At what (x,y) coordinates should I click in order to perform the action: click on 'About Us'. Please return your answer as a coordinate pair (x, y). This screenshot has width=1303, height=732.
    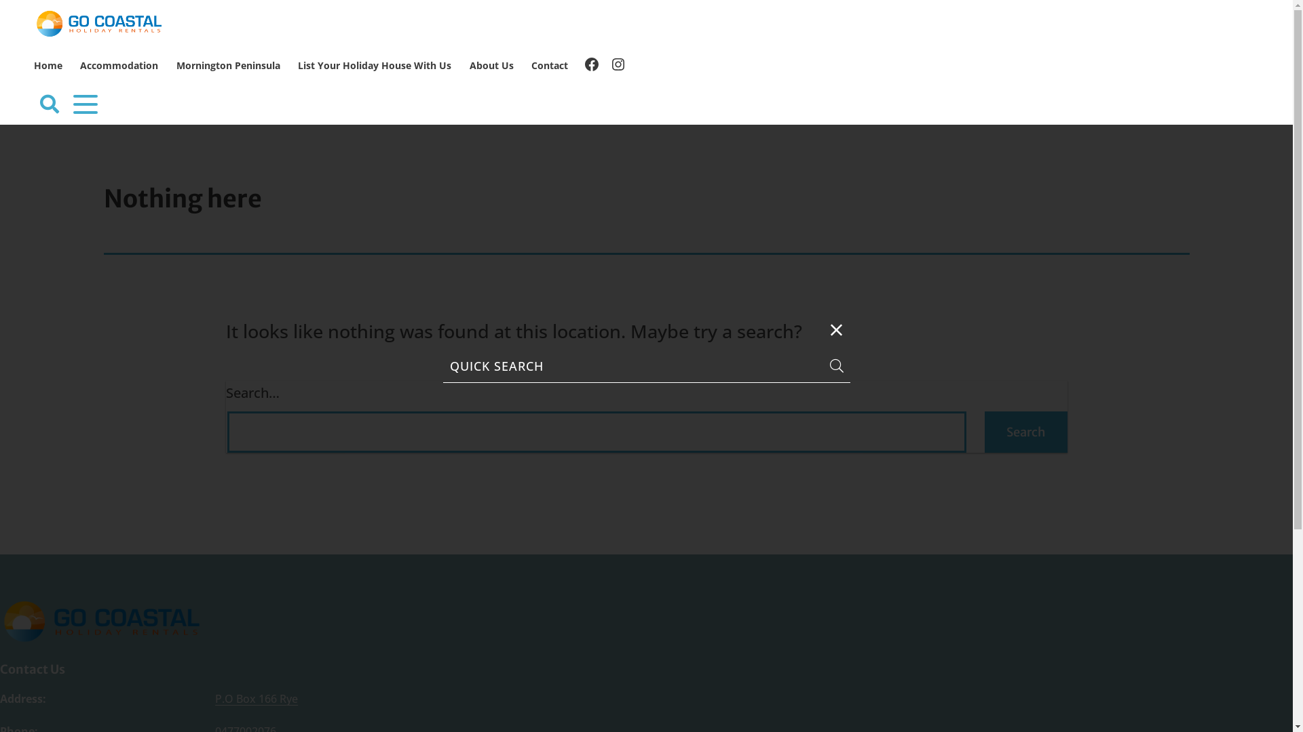
    Looking at the image, I should click on (490, 66).